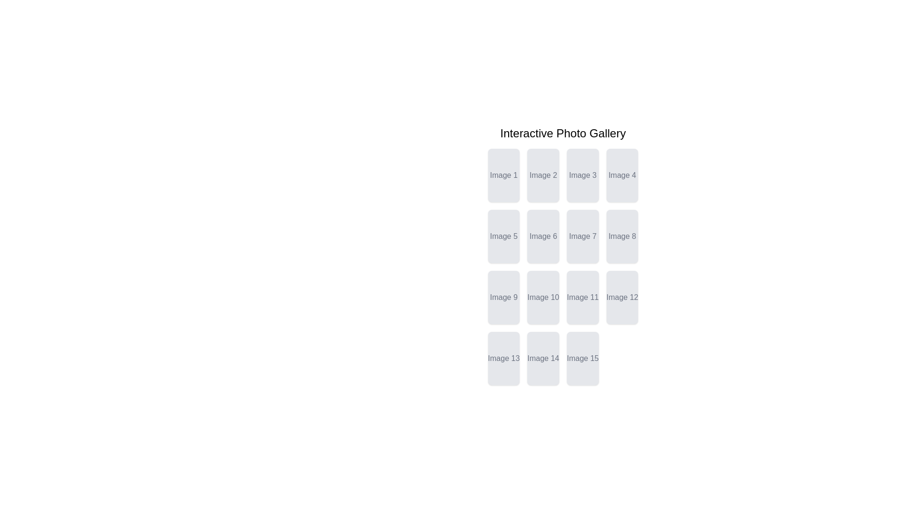  What do you see at coordinates (503, 365) in the screenshot?
I see `the interactive comment indicator located at the bottom of the card labeled 'Image 13'` at bounding box center [503, 365].